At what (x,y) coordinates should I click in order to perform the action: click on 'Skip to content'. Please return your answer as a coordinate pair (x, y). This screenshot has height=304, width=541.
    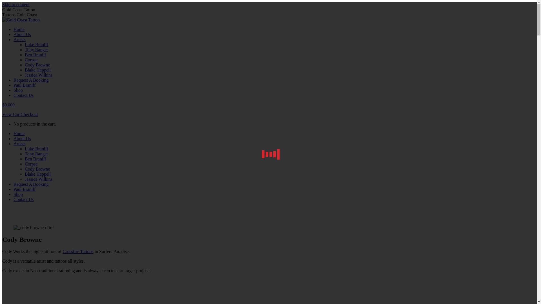
    Looking at the image, I should click on (2, 5).